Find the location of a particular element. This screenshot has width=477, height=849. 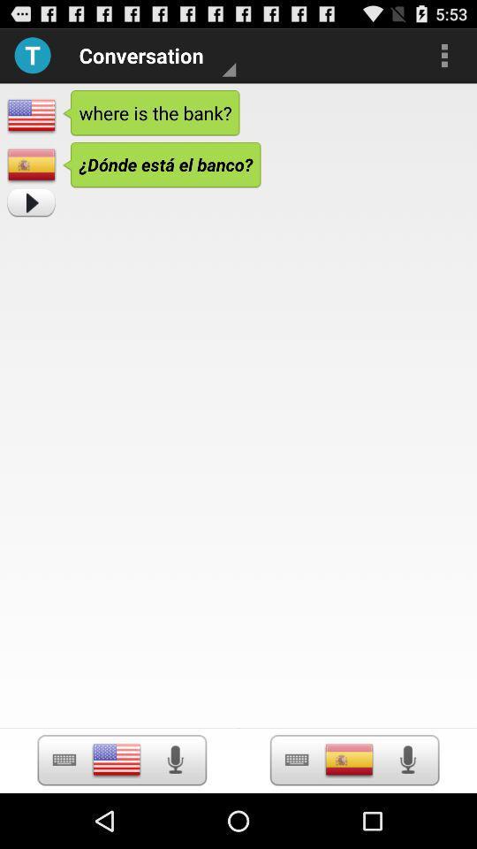

button is located at coordinates (297, 759).